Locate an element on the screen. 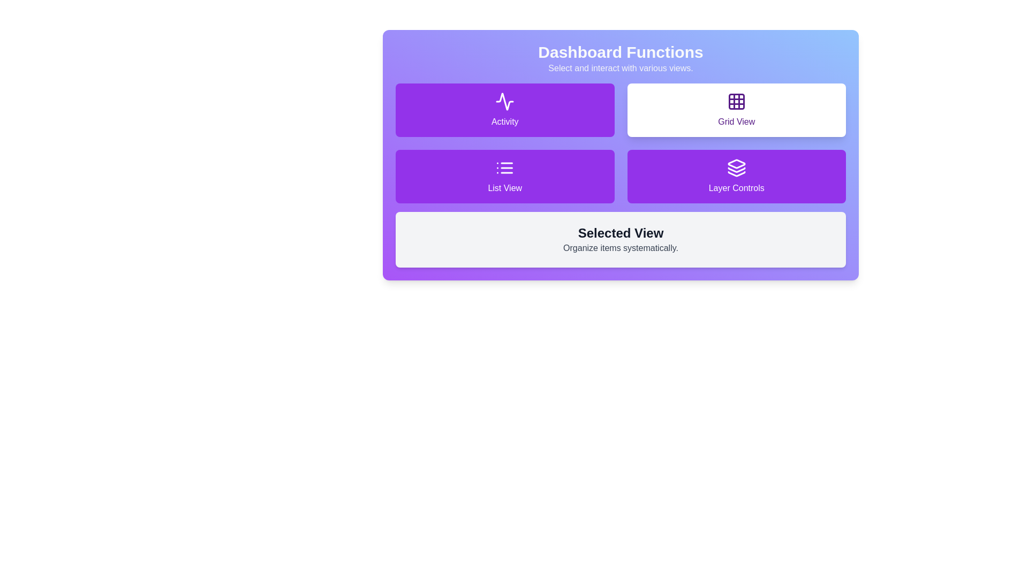 The width and height of the screenshot is (1028, 578). the purple button labeled 'Layer Controls' with a white icon of stacked layers is located at coordinates (736, 176).